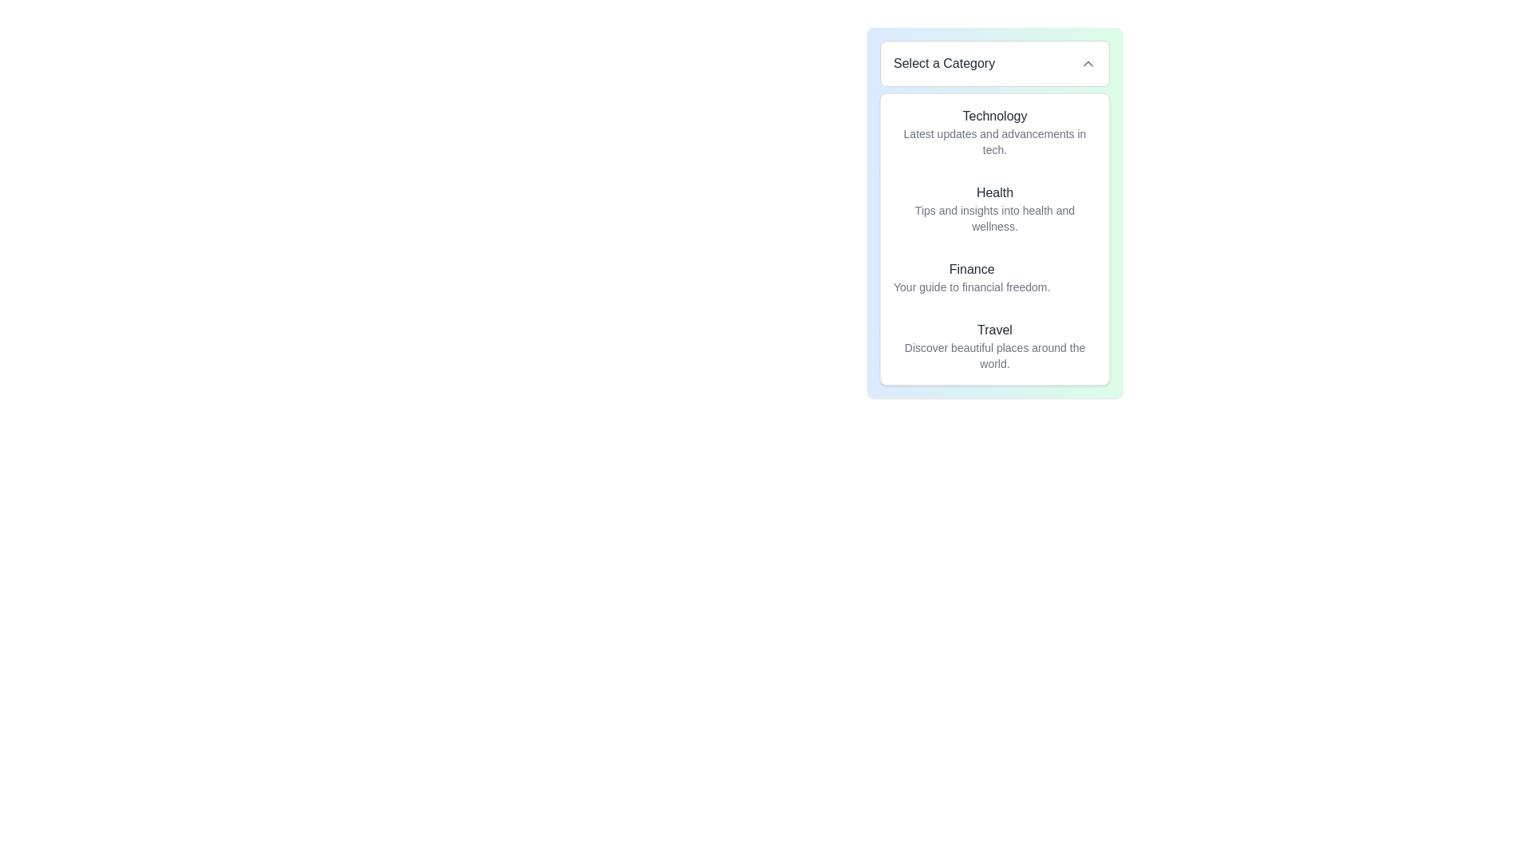 The image size is (1532, 862). Describe the element at coordinates (994, 131) in the screenshot. I see `the 'Technology' list item` at that location.